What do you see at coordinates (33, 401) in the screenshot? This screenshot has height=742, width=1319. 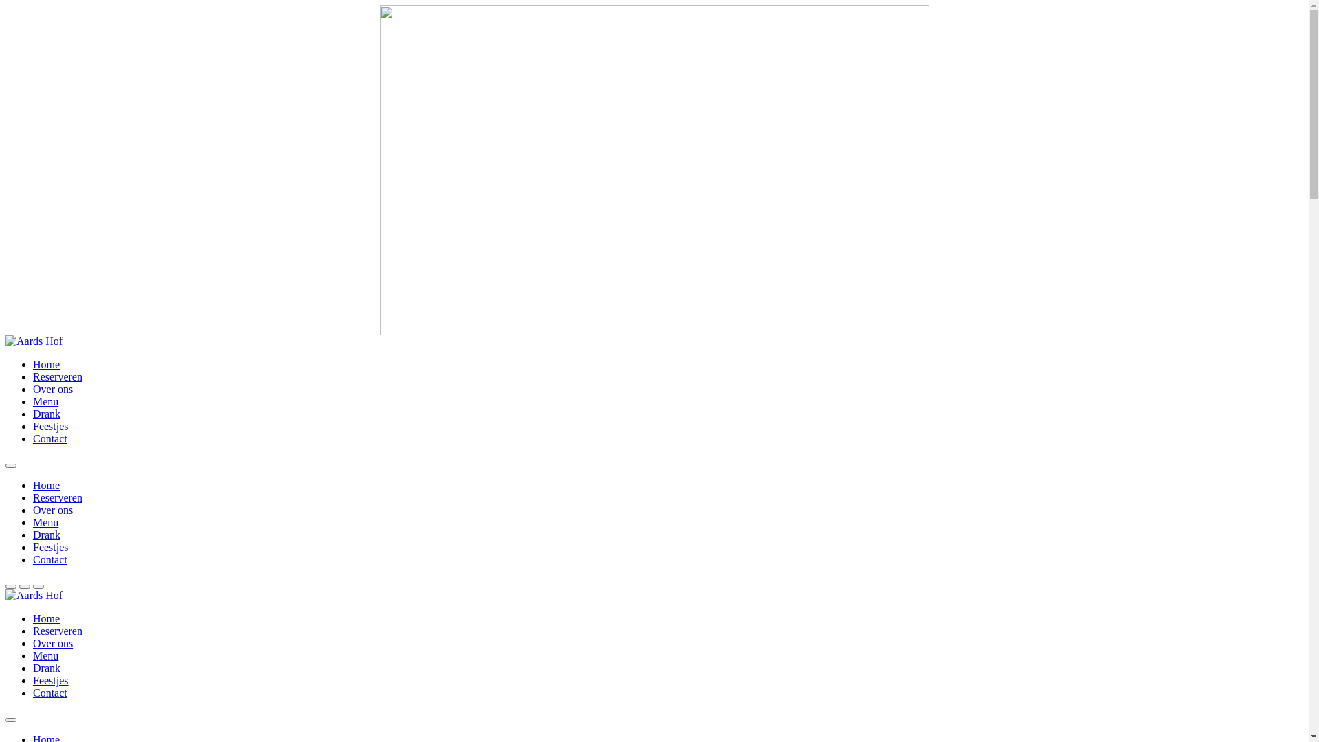 I see `'Menu'` at bounding box center [33, 401].